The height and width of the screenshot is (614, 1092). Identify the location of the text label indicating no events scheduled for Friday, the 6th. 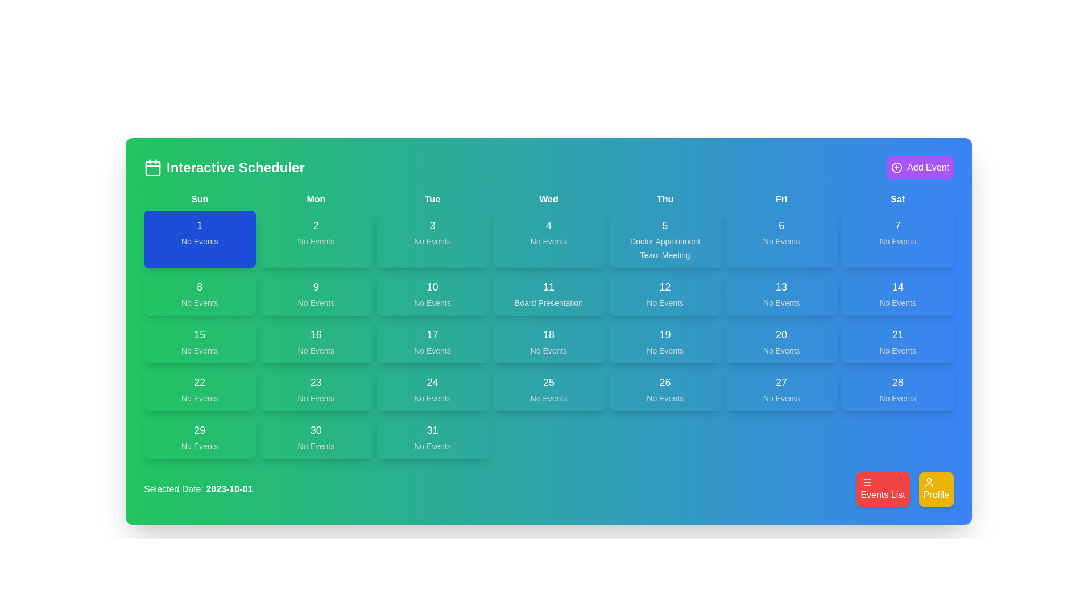
(781, 240).